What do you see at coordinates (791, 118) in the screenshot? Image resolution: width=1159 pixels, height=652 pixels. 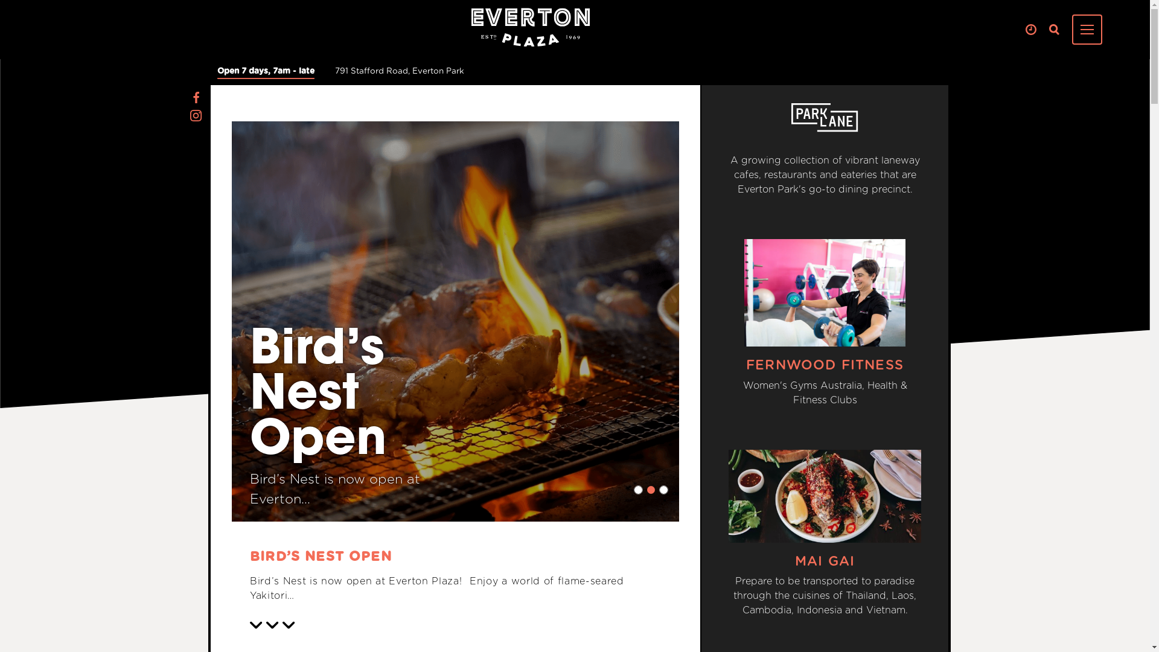 I see `'Some of the stores in Park Lane'` at bounding box center [791, 118].